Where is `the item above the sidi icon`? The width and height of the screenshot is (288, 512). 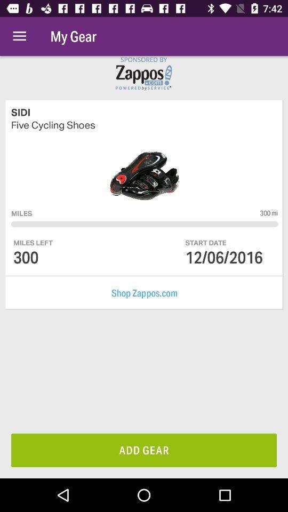
the item above the sidi icon is located at coordinates (19, 36).